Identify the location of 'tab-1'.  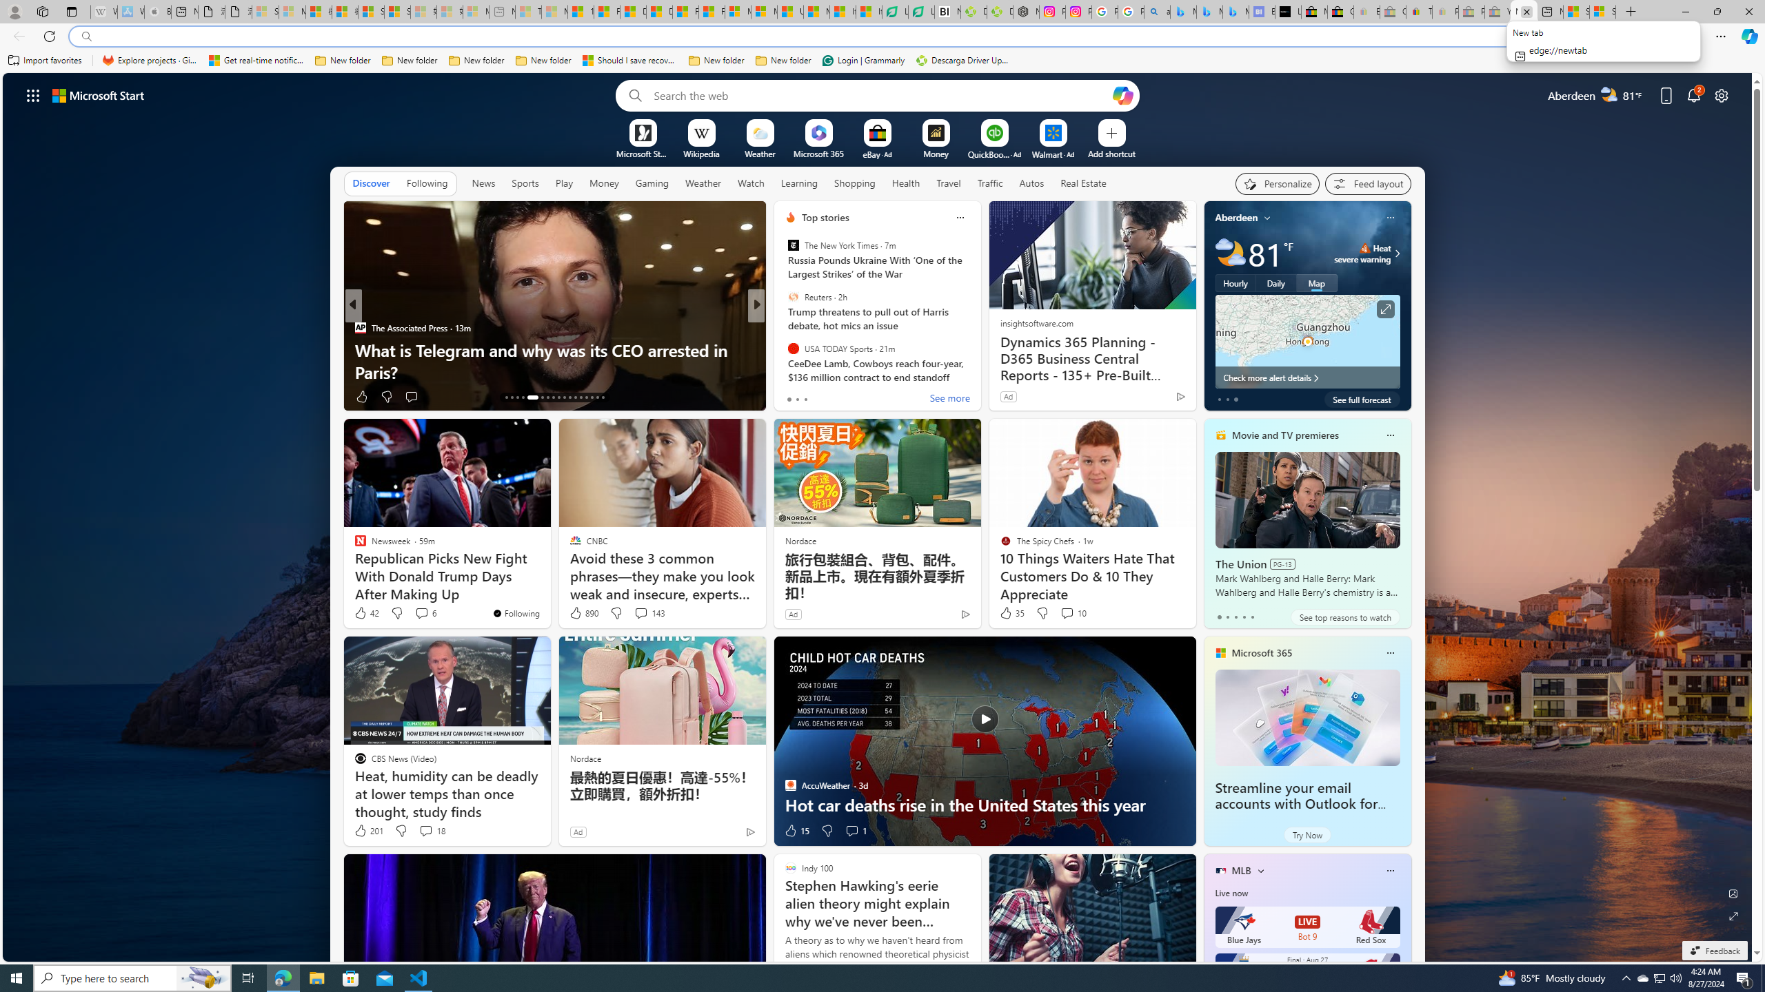
(1227, 617).